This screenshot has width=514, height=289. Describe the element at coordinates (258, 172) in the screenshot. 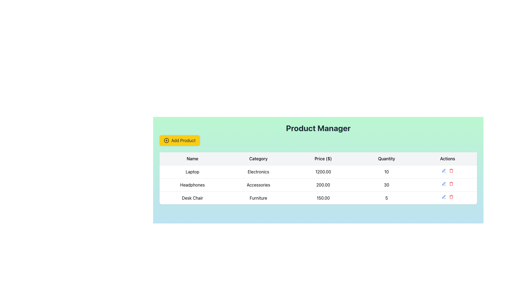

I see `the second cell in the row for the 'Laptop' item, which displays the category in the data table` at that location.